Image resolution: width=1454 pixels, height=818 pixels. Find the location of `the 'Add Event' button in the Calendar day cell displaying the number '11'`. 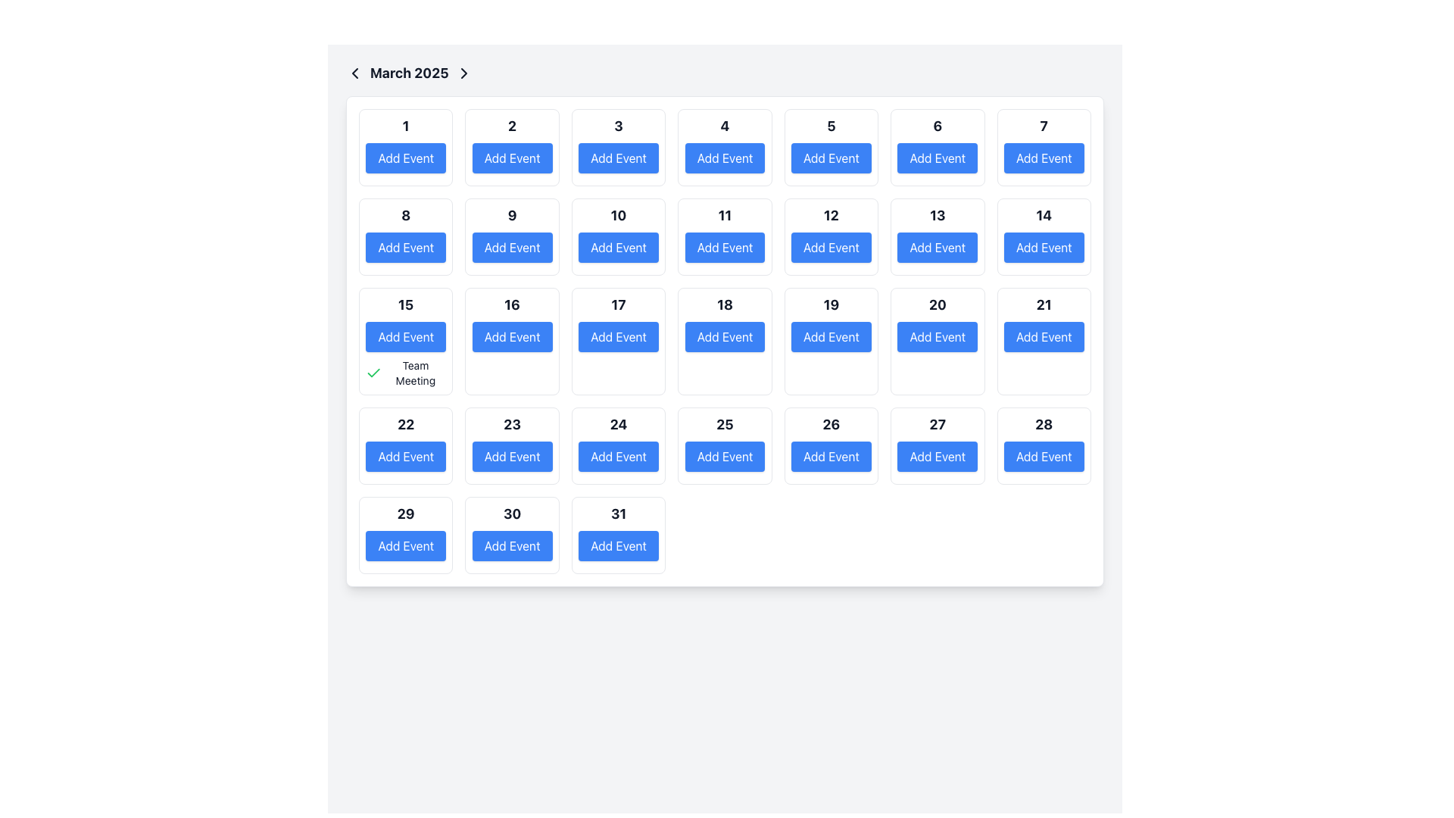

the 'Add Event' button in the Calendar day cell displaying the number '11' is located at coordinates (724, 236).